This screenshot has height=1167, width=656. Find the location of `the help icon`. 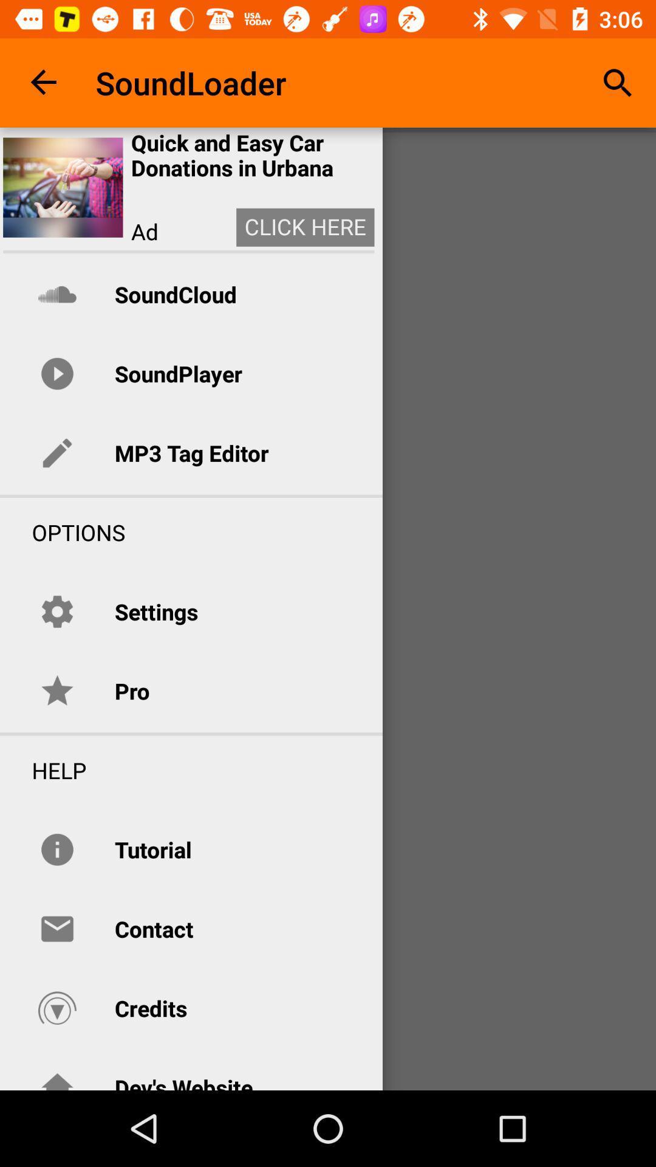

the help icon is located at coordinates (43, 769).